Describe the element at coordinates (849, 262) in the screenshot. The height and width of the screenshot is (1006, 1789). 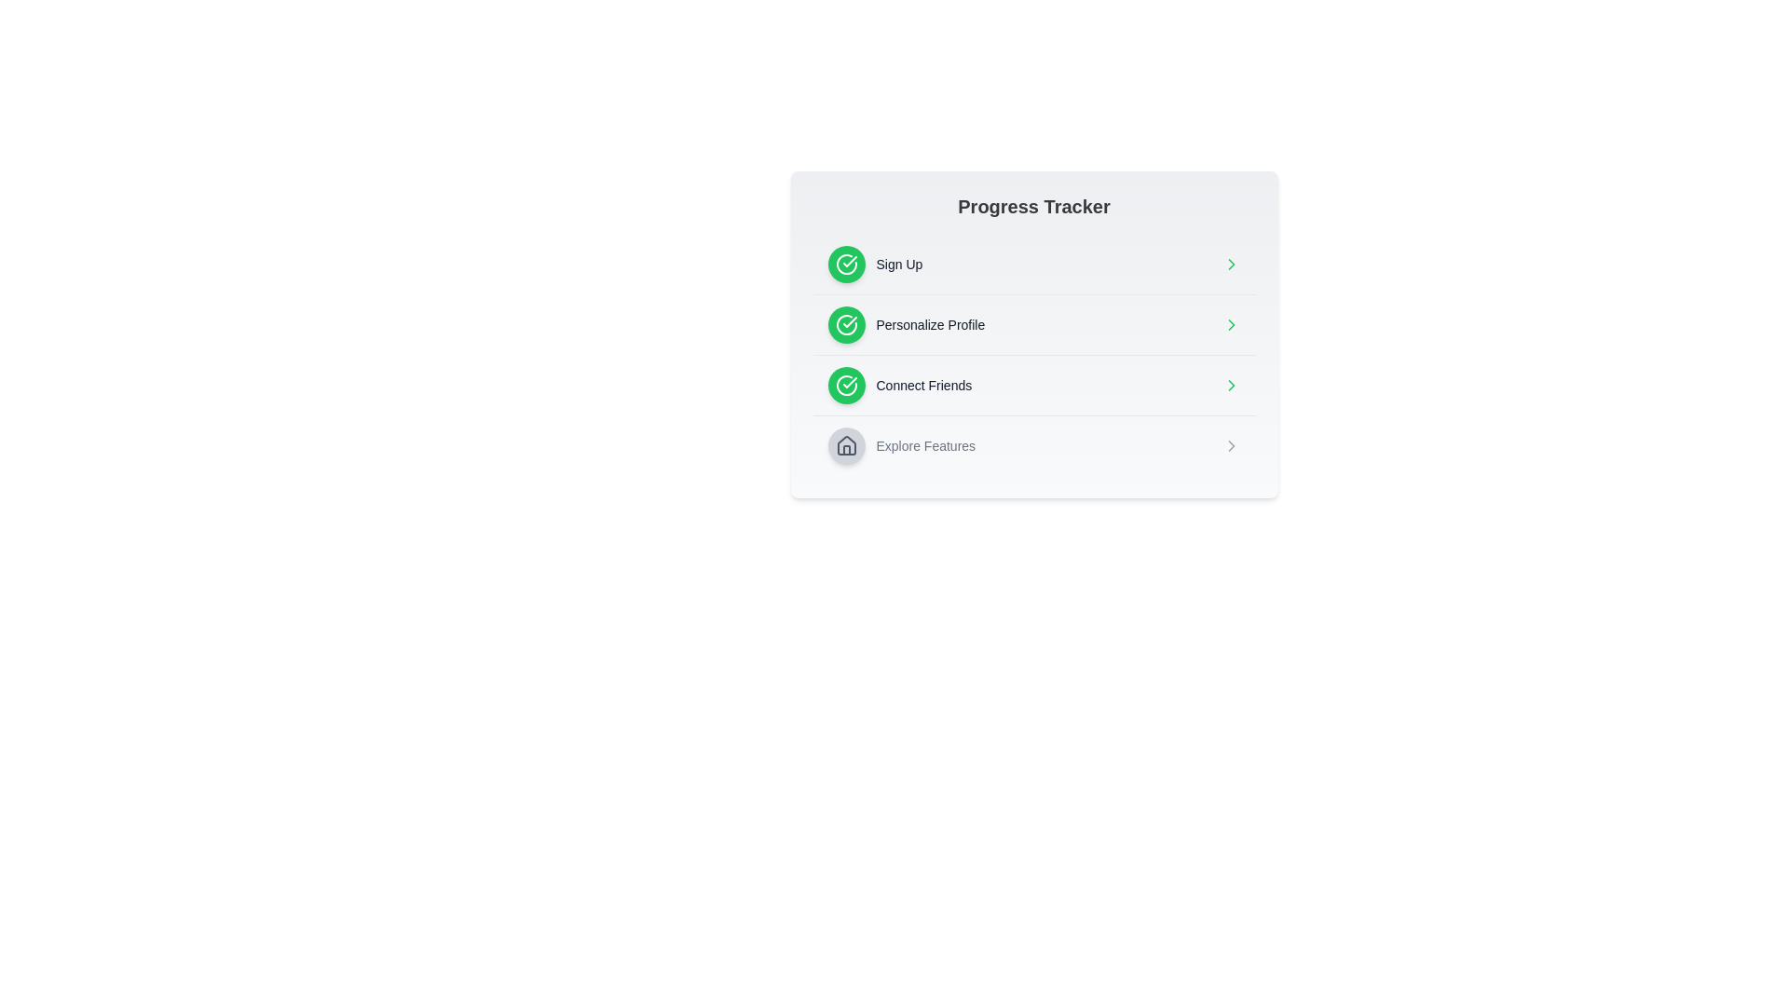
I see `the green checkmark icon within a circle, indicating a completed step in the progress tracker aligned with the 'Personalize Profile' label` at that location.